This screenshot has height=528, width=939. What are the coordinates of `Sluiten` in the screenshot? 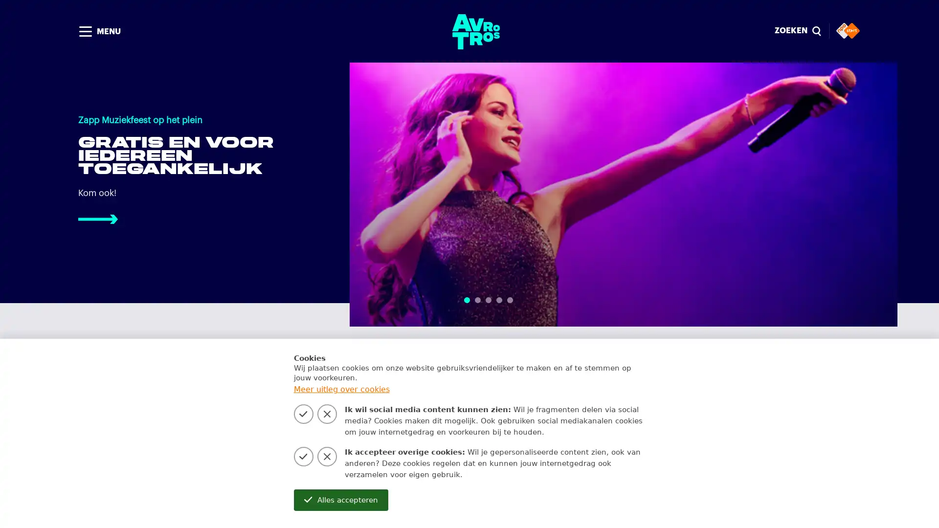 It's located at (817, 31).